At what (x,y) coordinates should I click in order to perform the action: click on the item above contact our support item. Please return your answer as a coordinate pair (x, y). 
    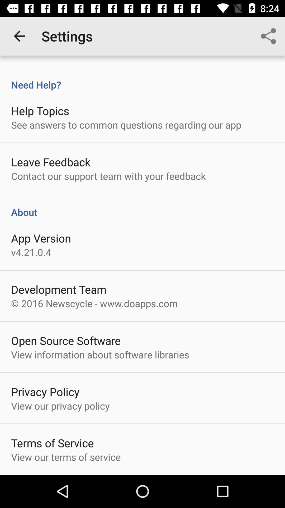
    Looking at the image, I should click on (51, 162).